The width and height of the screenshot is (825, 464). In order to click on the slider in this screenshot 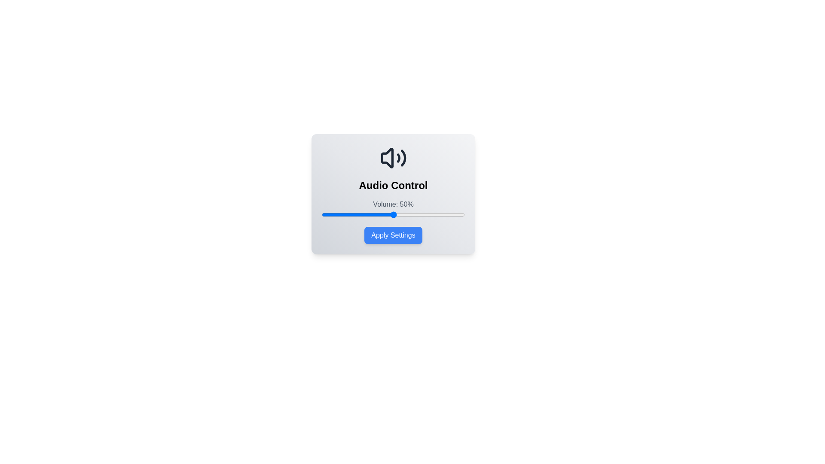, I will do `click(385, 214)`.